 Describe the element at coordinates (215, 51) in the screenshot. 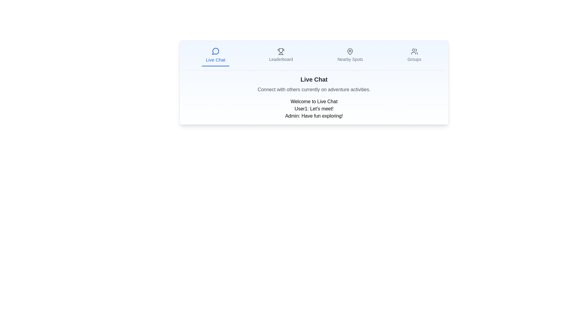

I see `the 'Live Chat' icon located at the top-left section of the navigation menu` at that location.